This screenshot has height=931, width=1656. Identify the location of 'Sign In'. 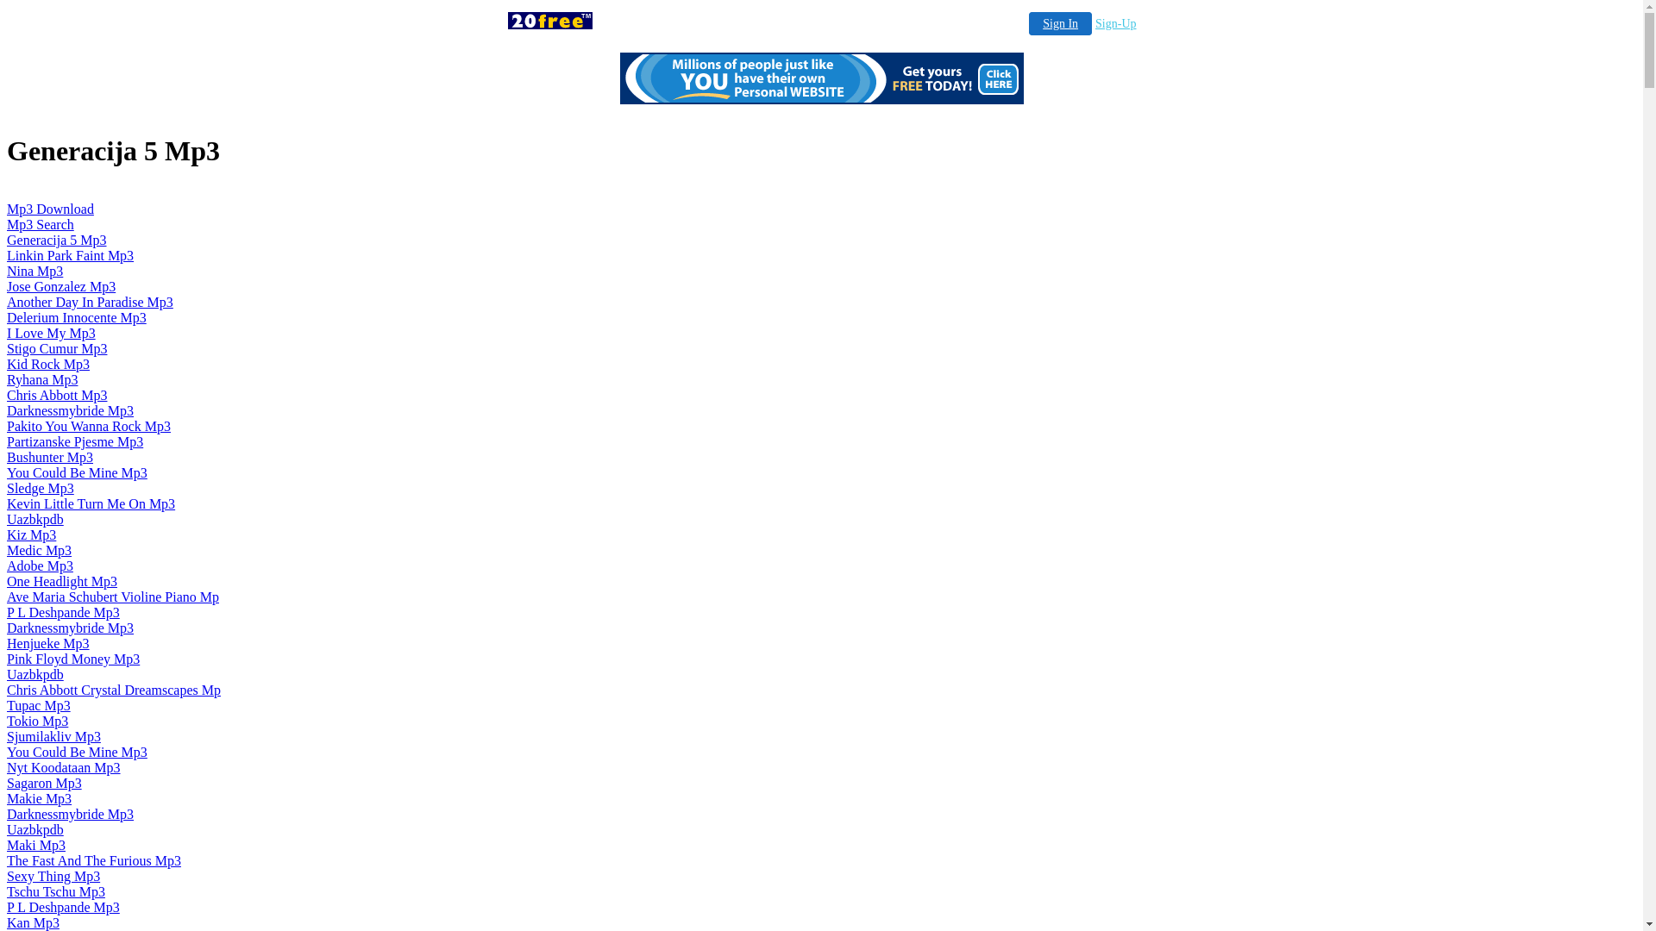
(1059, 23).